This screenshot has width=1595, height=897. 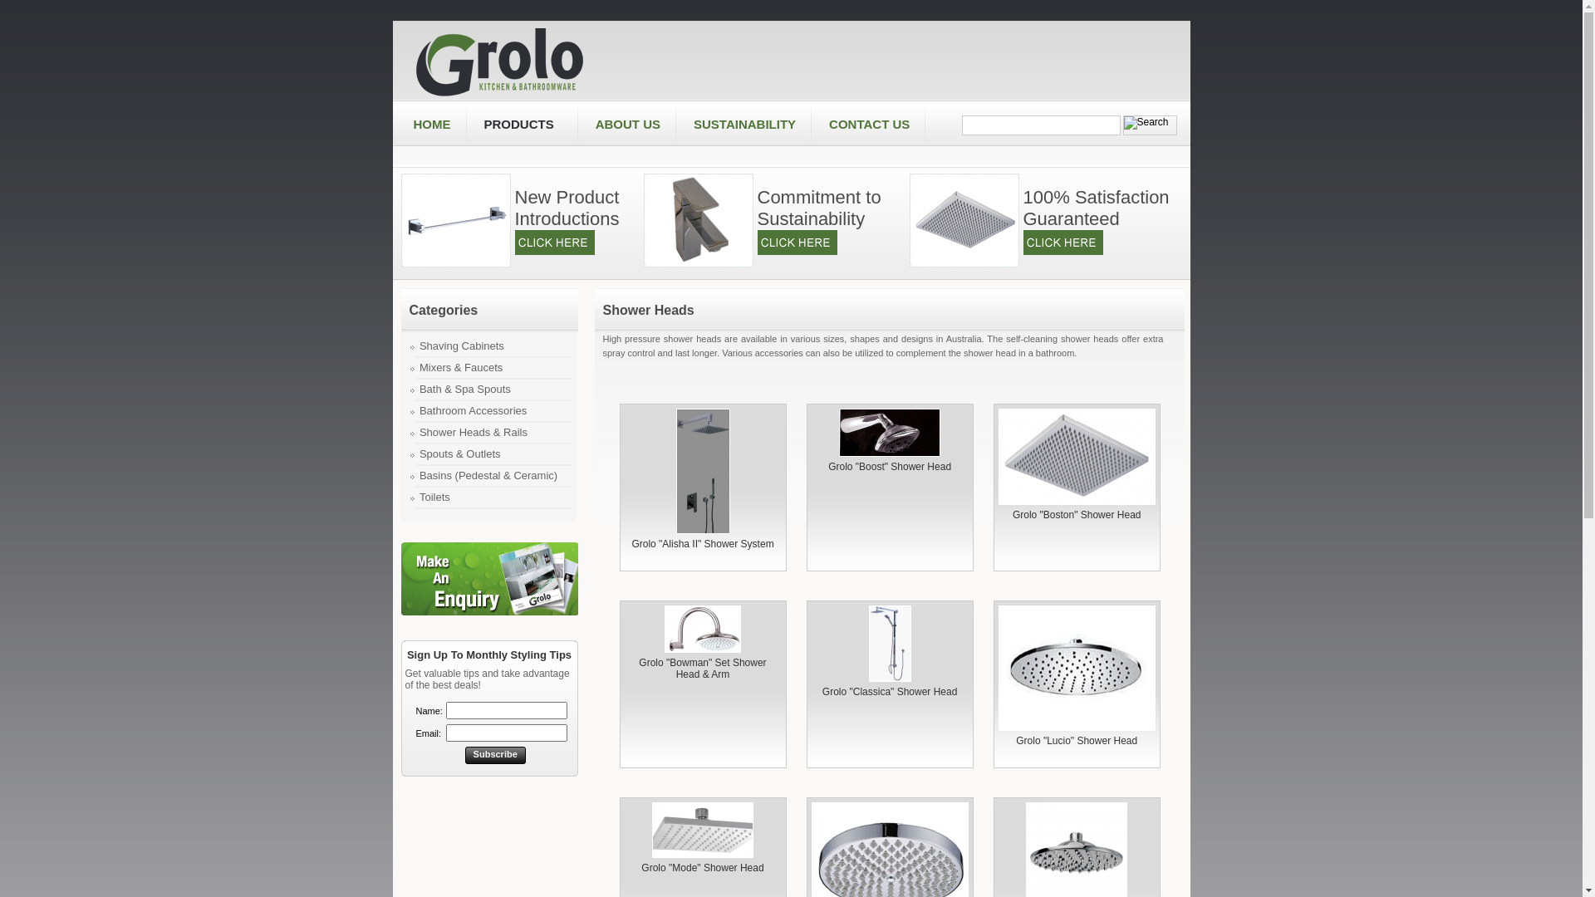 What do you see at coordinates (702, 544) in the screenshot?
I see `'Grolo "Alisha II" Shower System'` at bounding box center [702, 544].